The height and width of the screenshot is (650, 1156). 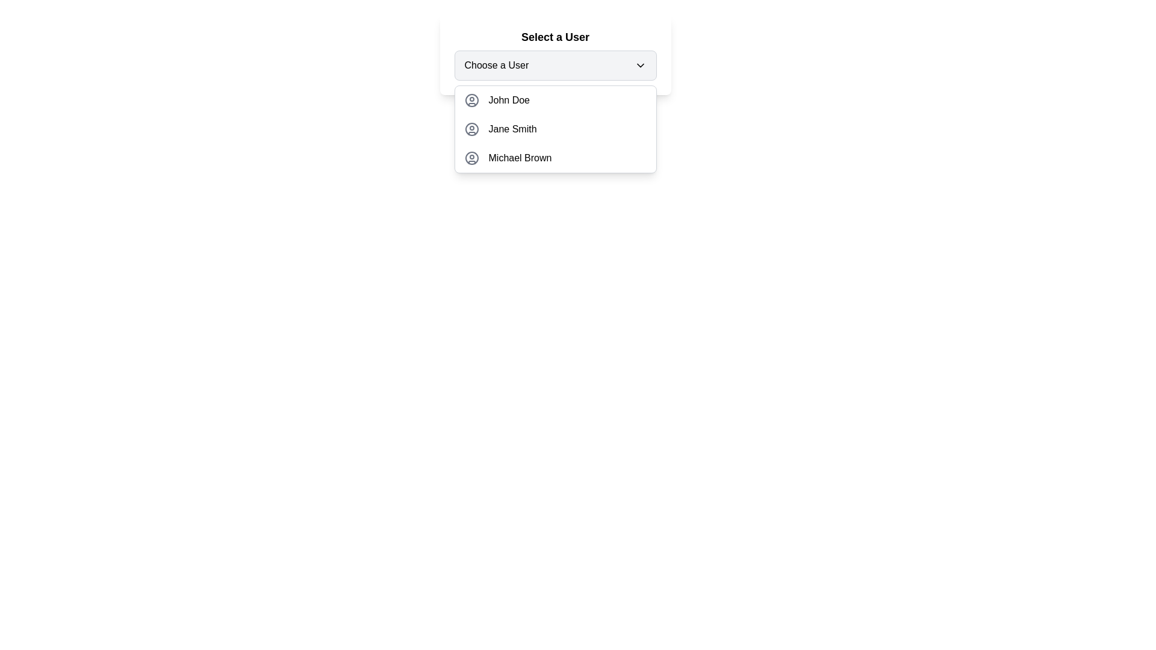 I want to click on the circular user avatar icon representing 'Michael Brown' within the dropdown menu, so click(x=471, y=157).